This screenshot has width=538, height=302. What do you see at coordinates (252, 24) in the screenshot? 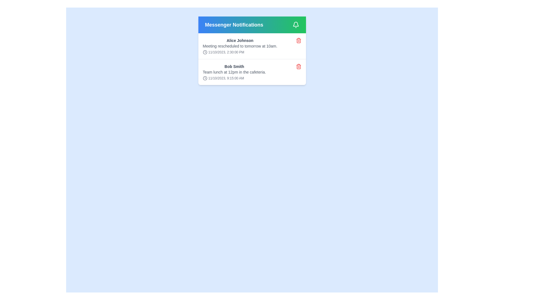
I see `the blue-to-green gradient header element labeled 'Messenger Notifications' at the top of the notification card to emphasize it or trigger a color change` at bounding box center [252, 24].